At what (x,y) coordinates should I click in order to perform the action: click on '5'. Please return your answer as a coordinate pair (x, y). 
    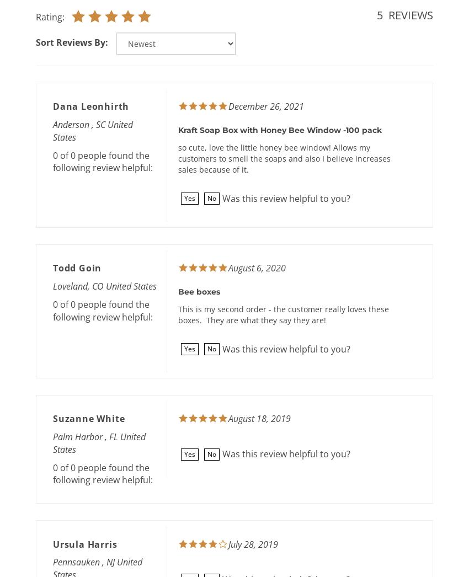
    Looking at the image, I should click on (379, 14).